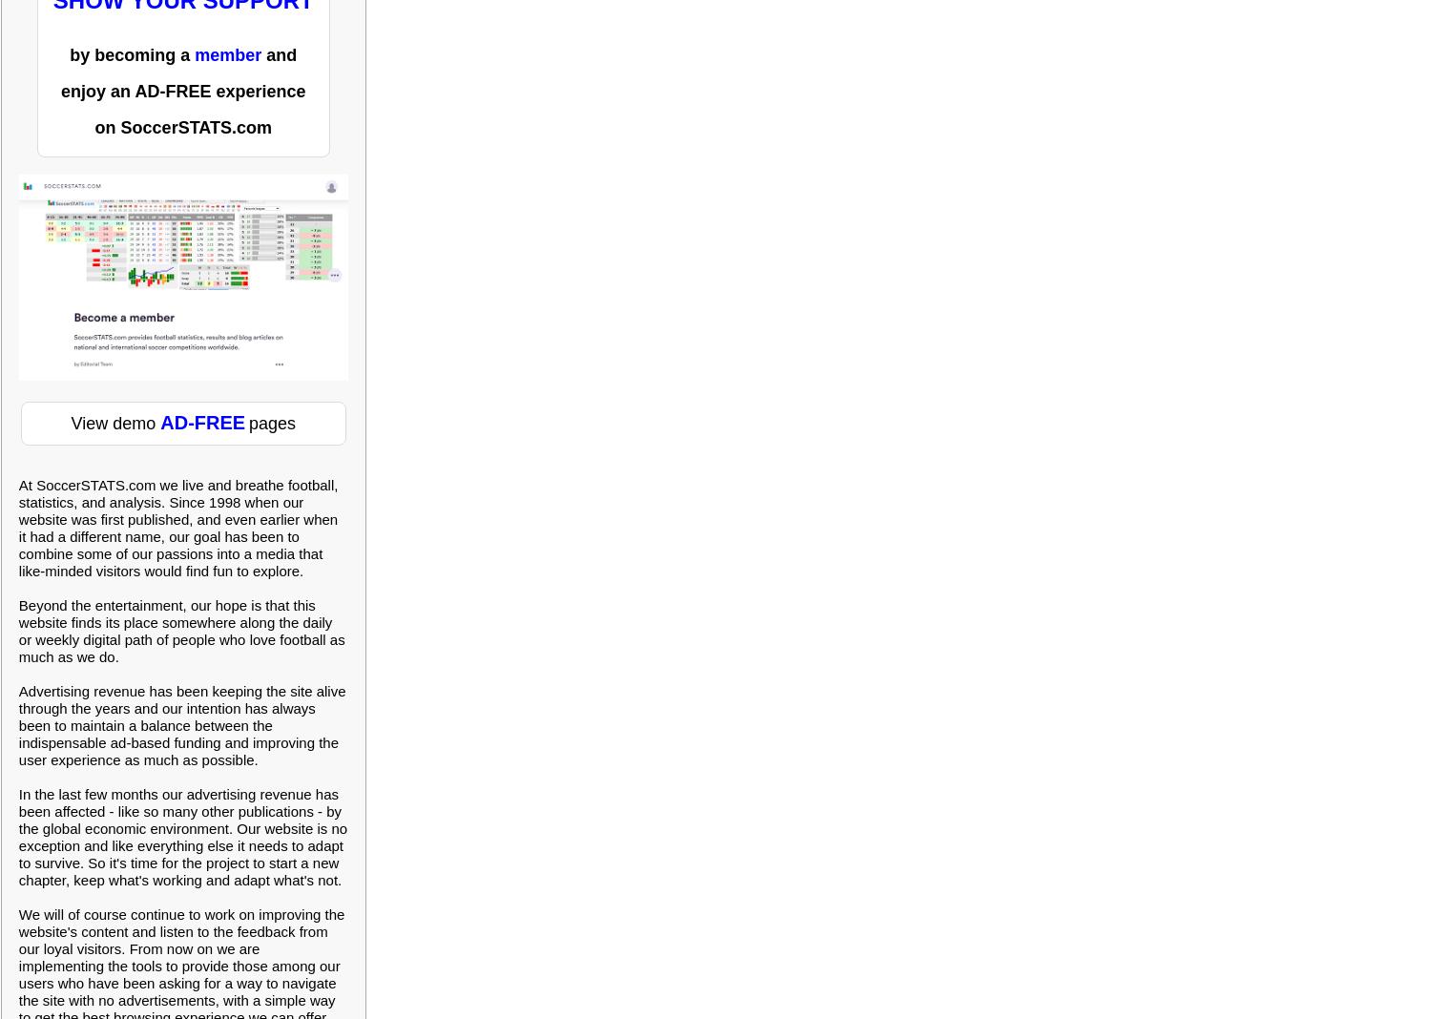 This screenshot has width=1435, height=1019. Describe the element at coordinates (69, 53) in the screenshot. I see `'by becoming a'` at that location.